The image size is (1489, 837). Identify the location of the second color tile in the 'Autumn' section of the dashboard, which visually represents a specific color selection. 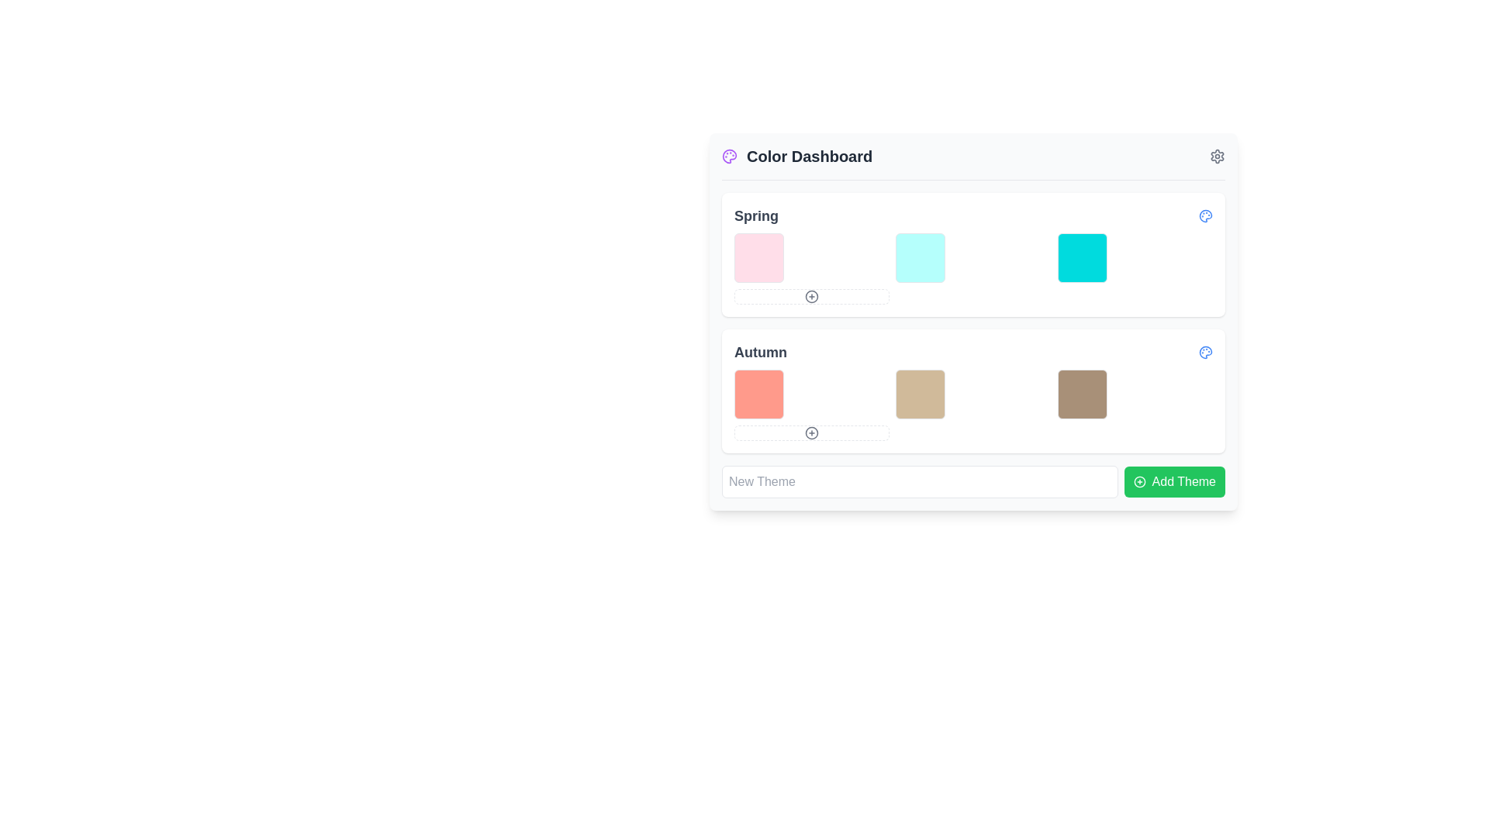
(921, 394).